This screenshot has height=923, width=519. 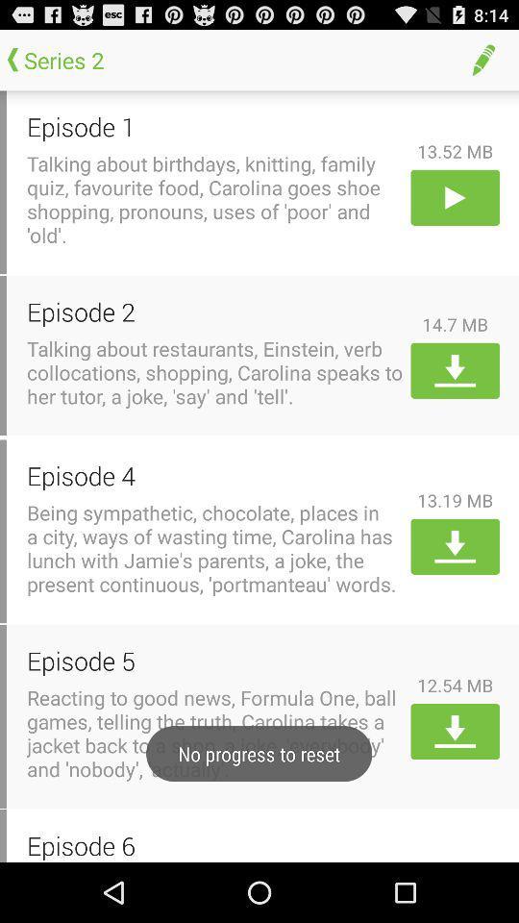 I want to click on 14.7 mb icon, so click(x=454, y=324).